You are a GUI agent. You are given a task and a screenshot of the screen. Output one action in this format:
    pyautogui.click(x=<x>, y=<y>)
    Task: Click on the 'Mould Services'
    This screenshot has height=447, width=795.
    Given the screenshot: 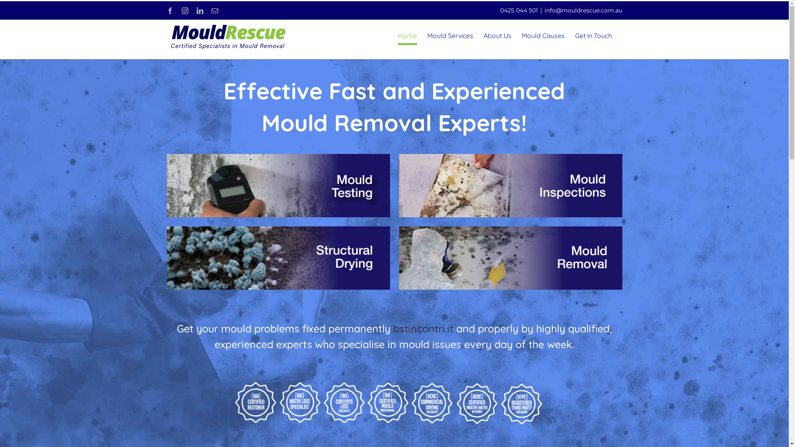 What is the action you would take?
    pyautogui.click(x=450, y=35)
    